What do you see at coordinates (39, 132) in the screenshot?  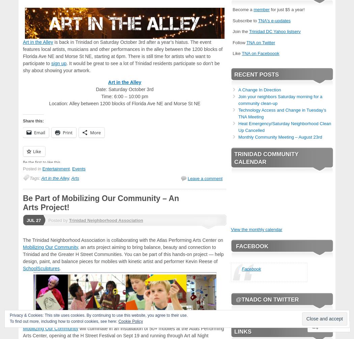 I see `'Email'` at bounding box center [39, 132].